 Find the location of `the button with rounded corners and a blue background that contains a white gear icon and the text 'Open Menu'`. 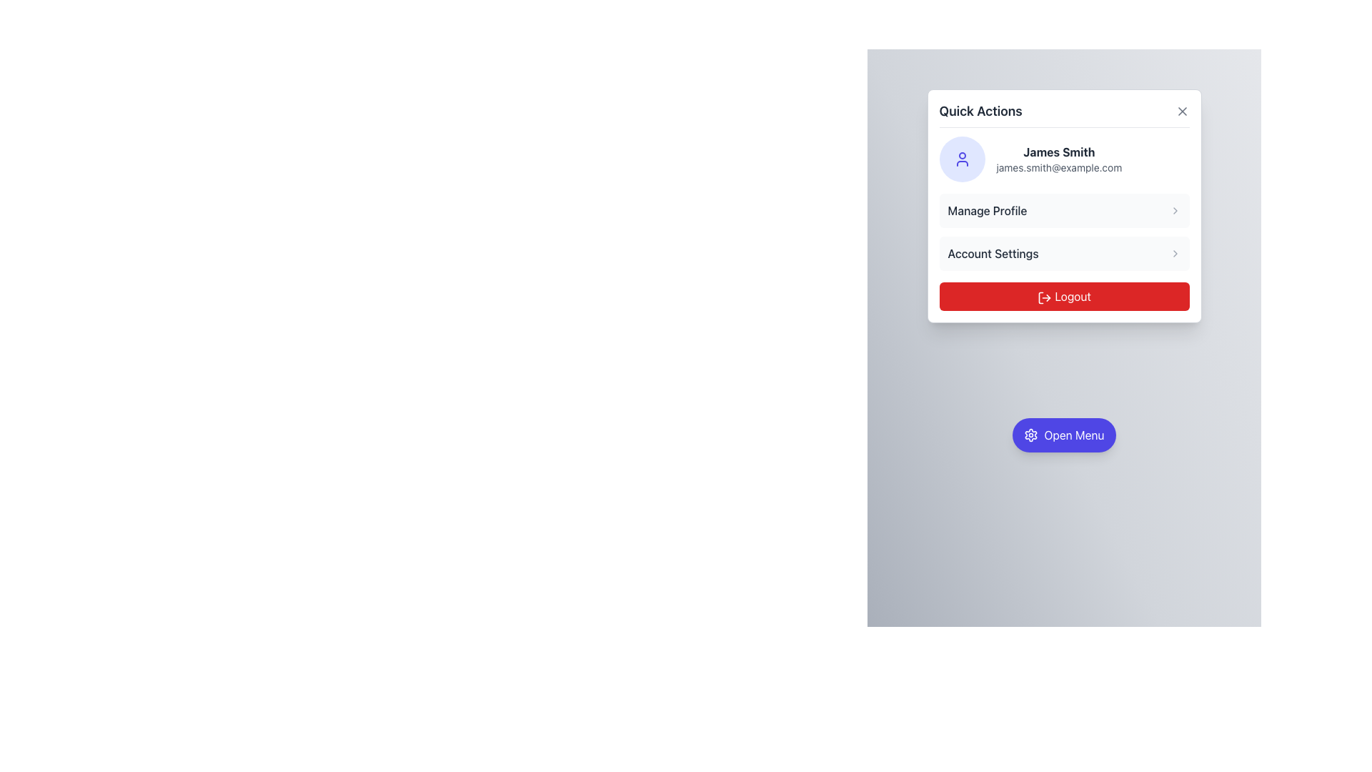

the button with rounded corners and a blue background that contains a white gear icon and the text 'Open Menu' is located at coordinates (1064, 435).